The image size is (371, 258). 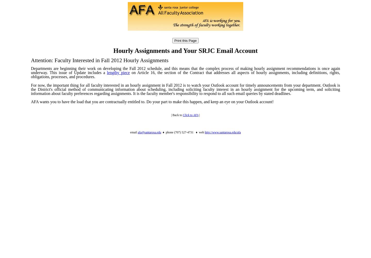 I want to click on 'email', so click(x=130, y=132).